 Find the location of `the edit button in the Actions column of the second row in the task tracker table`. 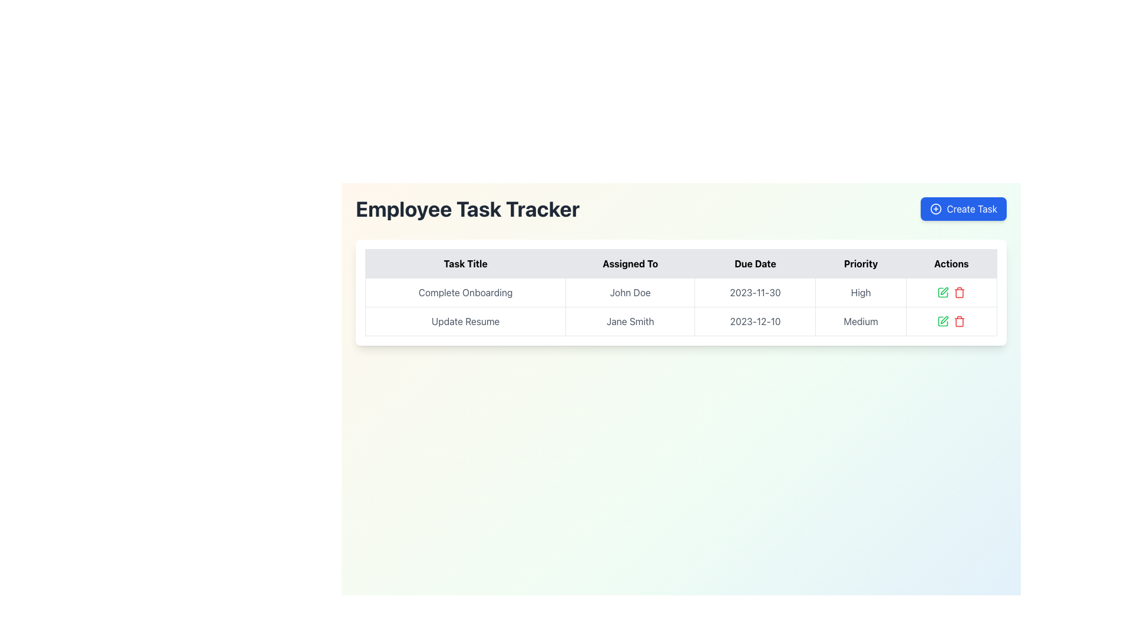

the edit button in the Actions column of the second row in the task tracker table is located at coordinates (944, 291).